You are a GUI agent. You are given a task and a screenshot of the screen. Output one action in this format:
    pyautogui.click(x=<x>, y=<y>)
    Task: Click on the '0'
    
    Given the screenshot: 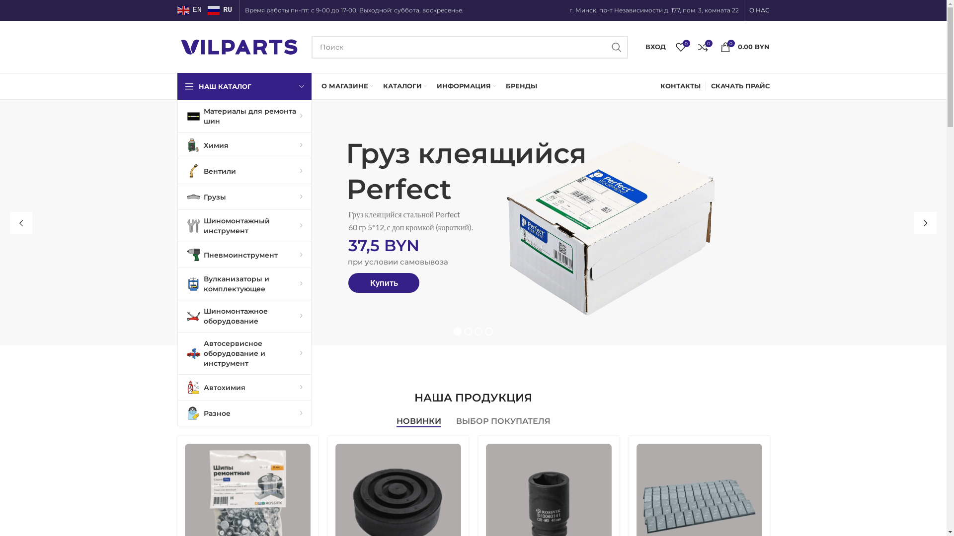 What is the action you would take?
    pyautogui.click(x=692, y=46)
    